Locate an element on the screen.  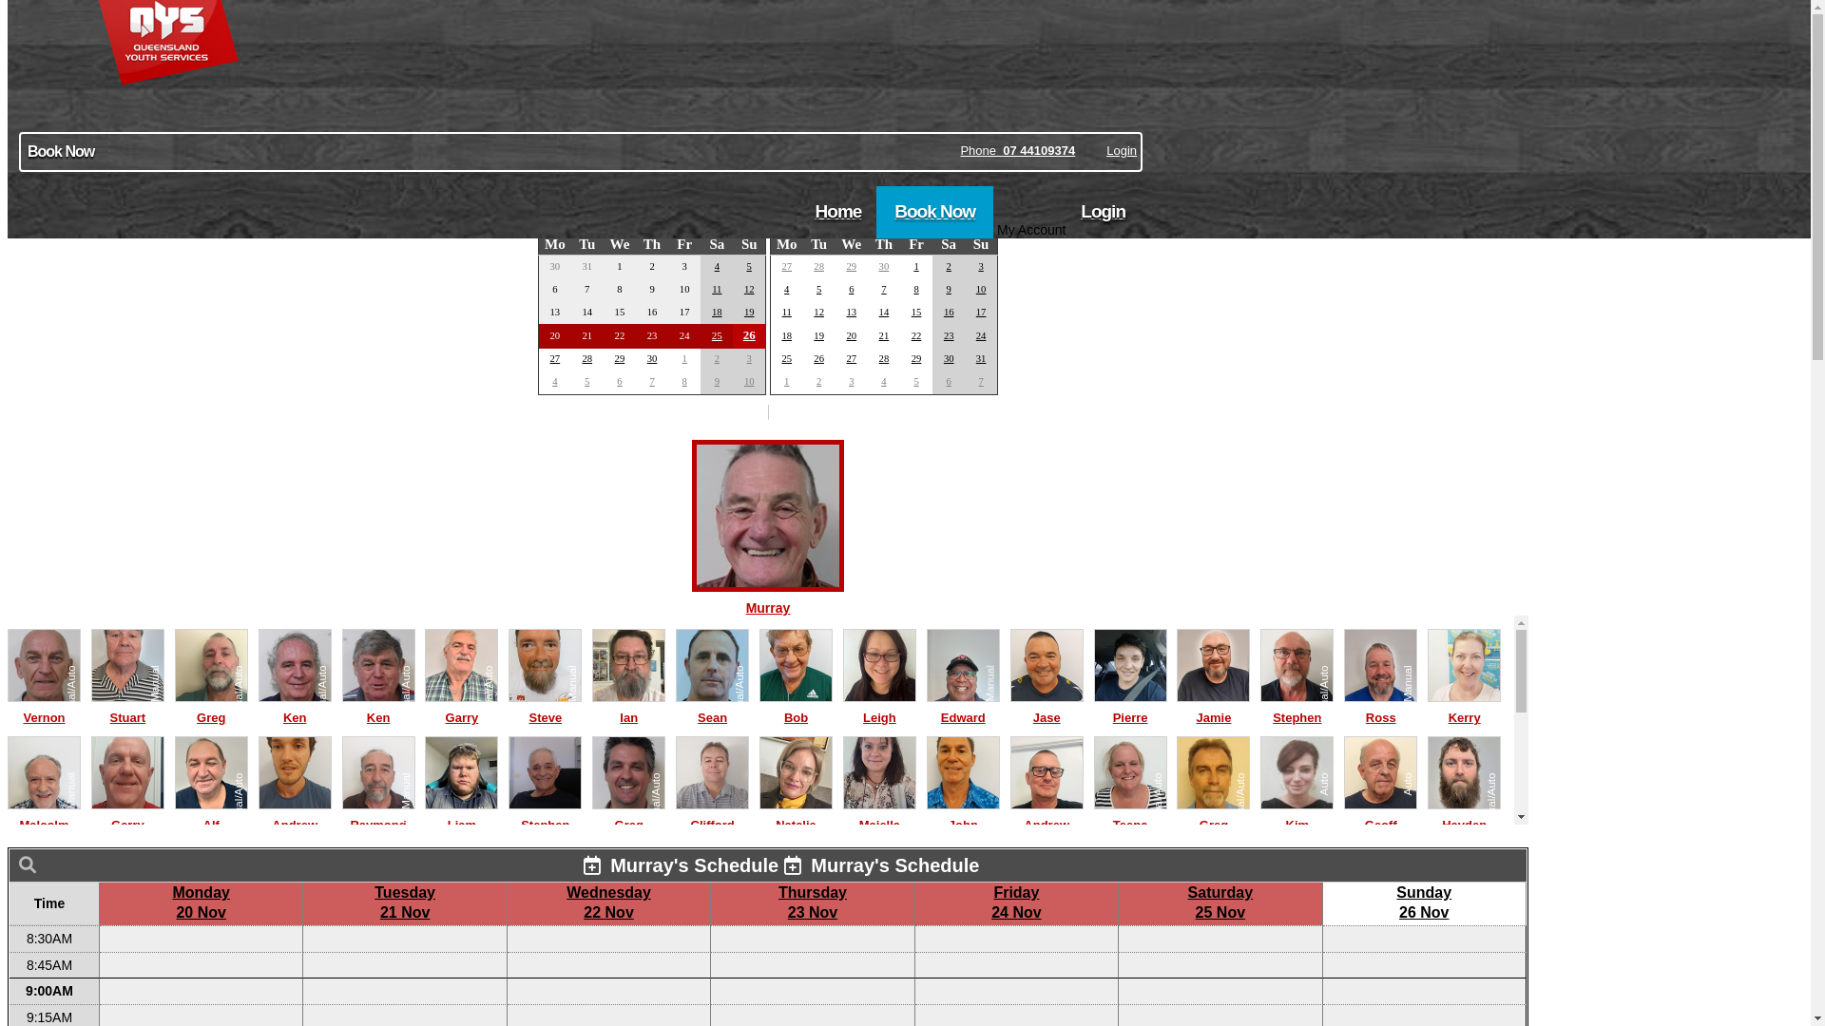
'27' is located at coordinates (554, 358).